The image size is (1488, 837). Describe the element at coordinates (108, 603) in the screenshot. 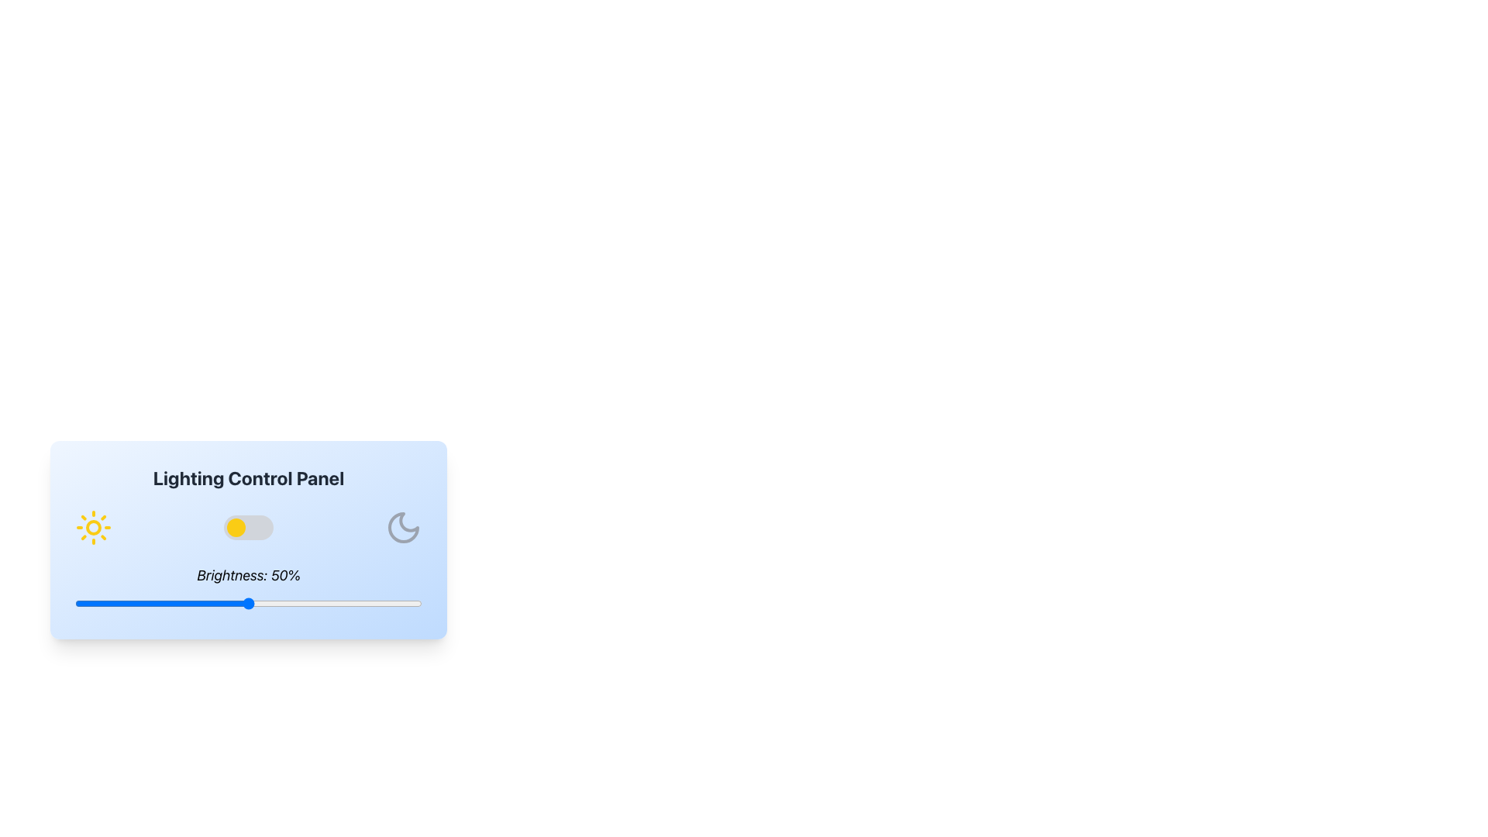

I see `the brightness level` at that location.